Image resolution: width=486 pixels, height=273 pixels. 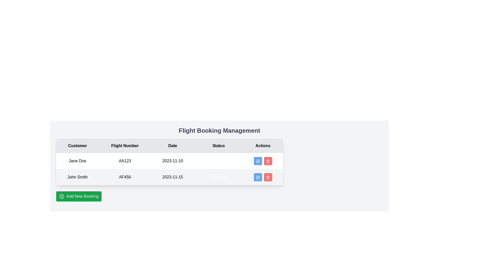 What do you see at coordinates (268, 161) in the screenshot?
I see `the delete icon located in the 'Actions' column of the table for the entry related to 'Jane Doe', positioned to the right of the blue edit icon` at bounding box center [268, 161].